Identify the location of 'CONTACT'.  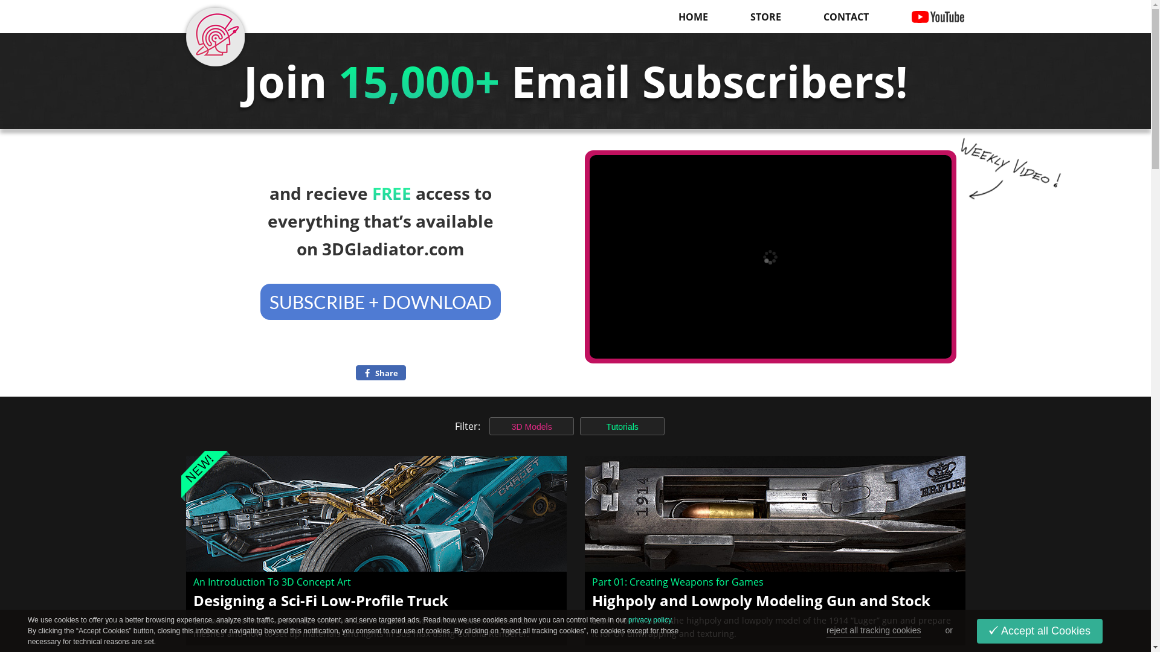
(845, 16).